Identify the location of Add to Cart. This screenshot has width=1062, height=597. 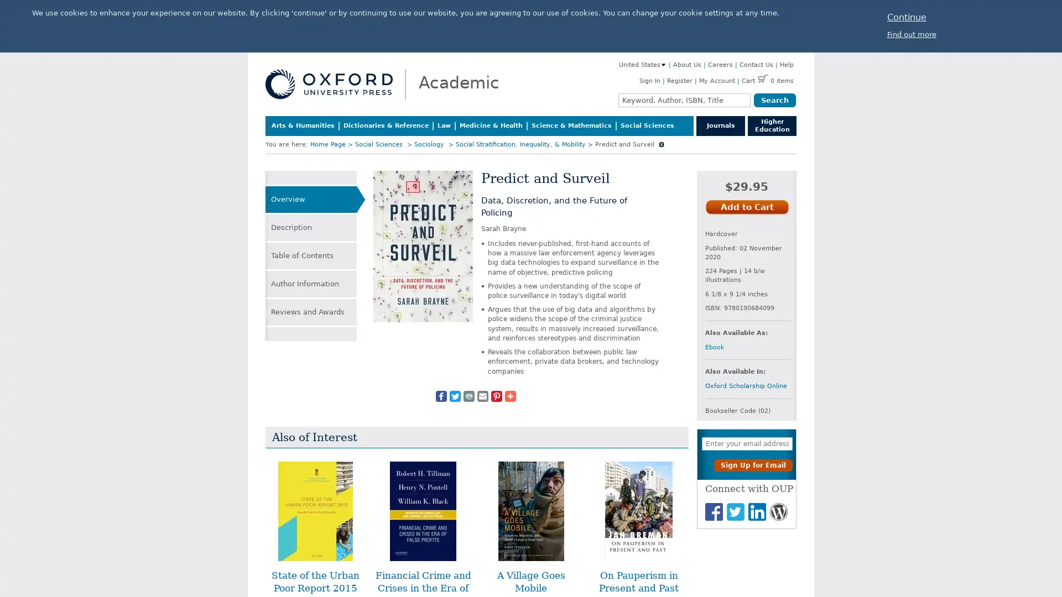
(747, 207).